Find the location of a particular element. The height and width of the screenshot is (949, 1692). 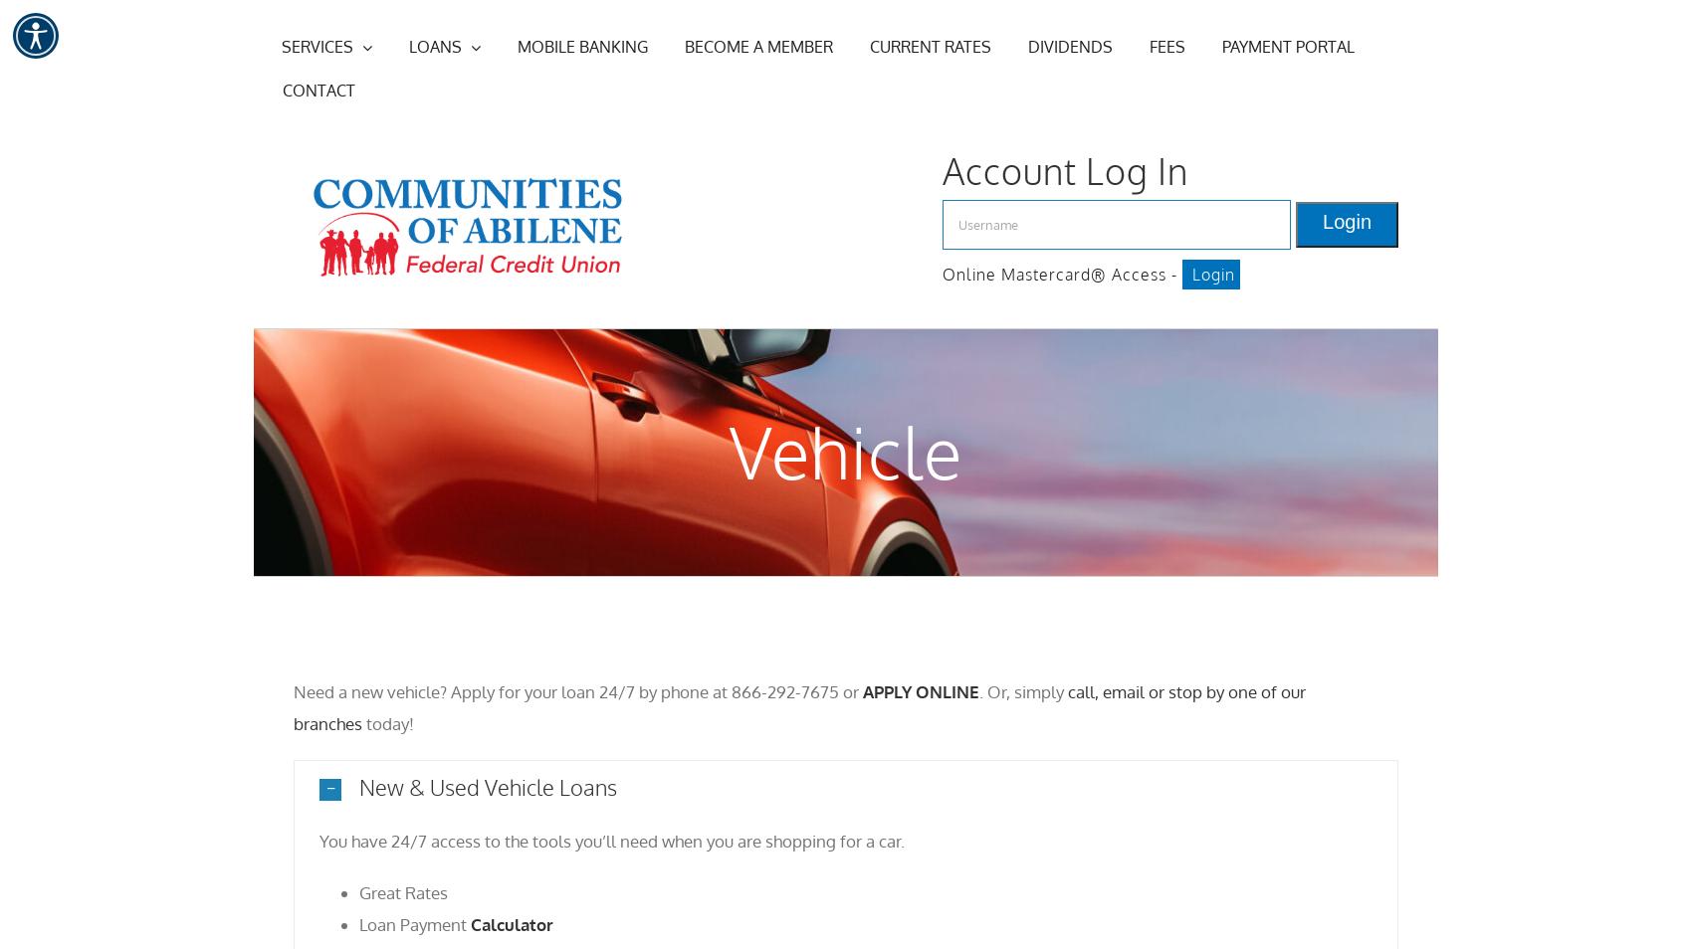

'Great Rates' is located at coordinates (402, 891).